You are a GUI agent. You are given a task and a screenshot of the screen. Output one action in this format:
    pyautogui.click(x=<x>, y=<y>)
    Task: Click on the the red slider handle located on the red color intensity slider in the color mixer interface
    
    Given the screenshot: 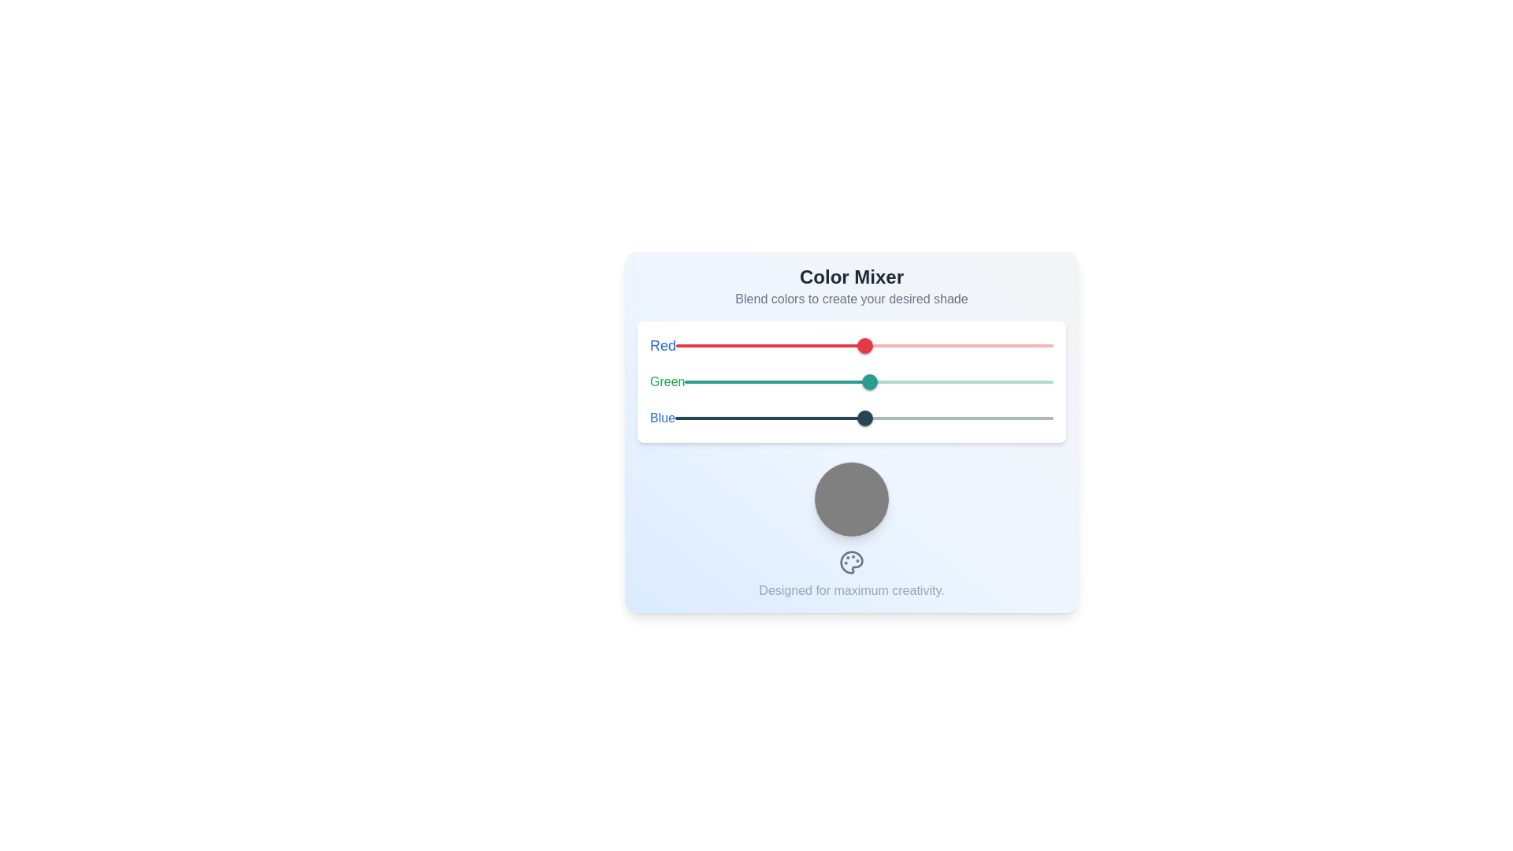 What is the action you would take?
    pyautogui.click(x=864, y=345)
    